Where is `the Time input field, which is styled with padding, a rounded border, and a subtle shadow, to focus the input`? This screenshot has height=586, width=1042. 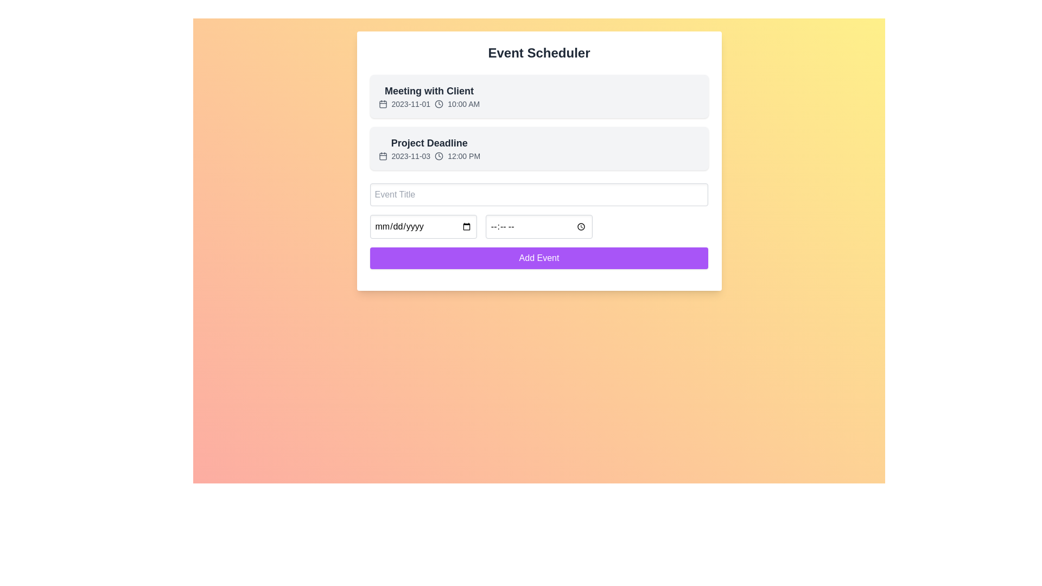
the Time input field, which is styled with padding, a rounded border, and a subtle shadow, to focus the input is located at coordinates (539, 226).